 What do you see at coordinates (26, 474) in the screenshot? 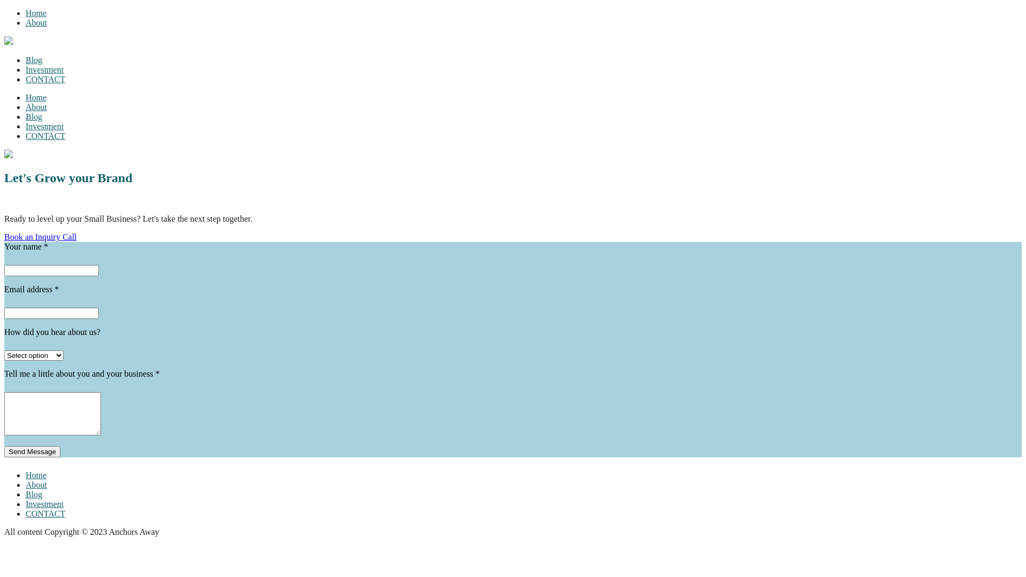
I see `'Home'` at bounding box center [26, 474].